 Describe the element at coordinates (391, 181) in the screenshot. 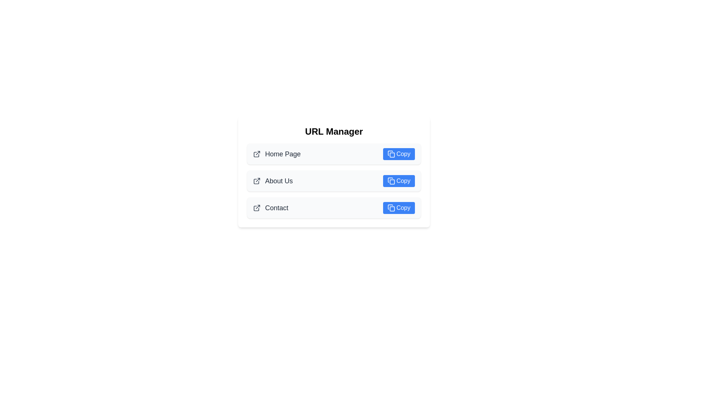

I see `the blue copy action icon within the button, located in the second row of action buttons to the right of the 'About Us' text, to trigger a tooltip or style change` at that location.